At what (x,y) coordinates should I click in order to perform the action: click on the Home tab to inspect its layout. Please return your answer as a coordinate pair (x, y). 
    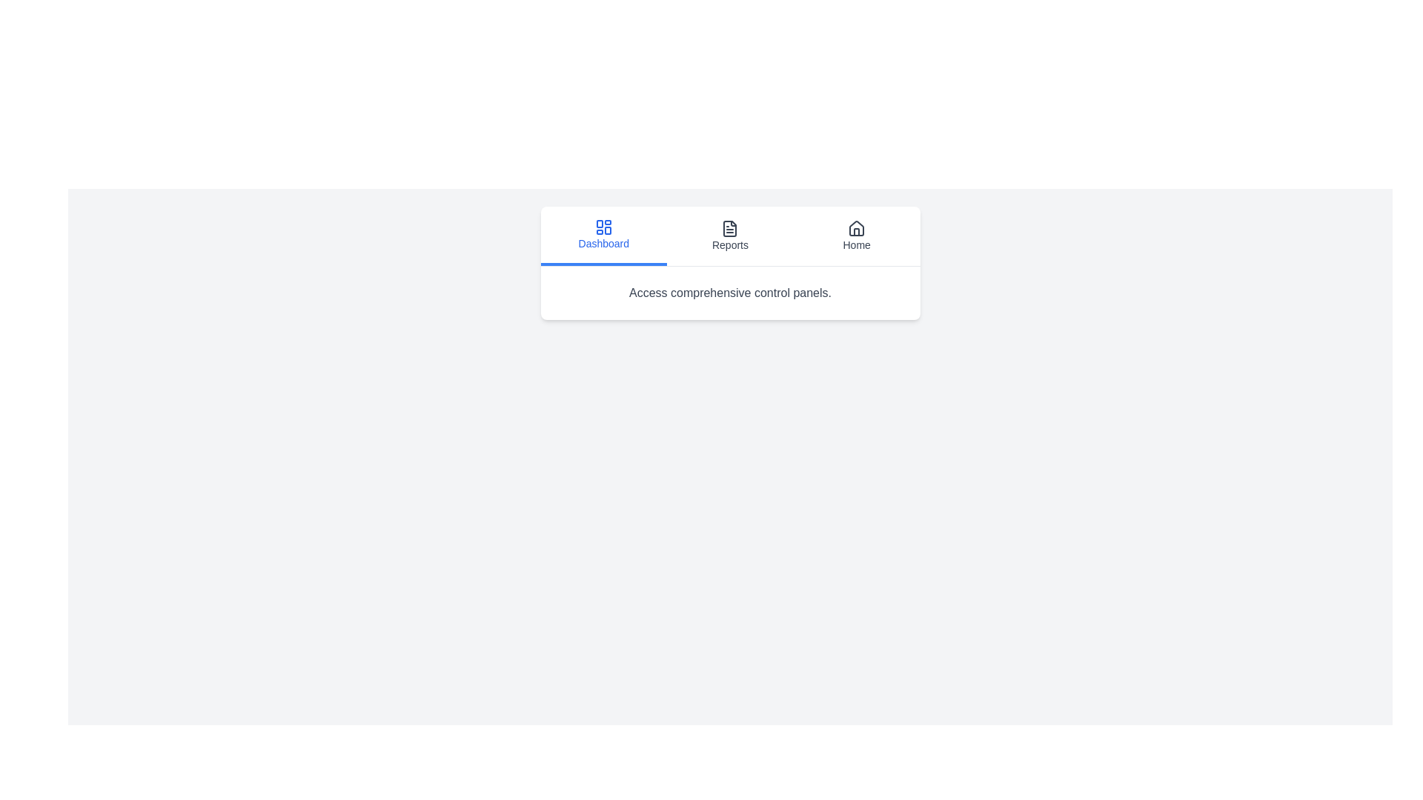
    Looking at the image, I should click on (857, 236).